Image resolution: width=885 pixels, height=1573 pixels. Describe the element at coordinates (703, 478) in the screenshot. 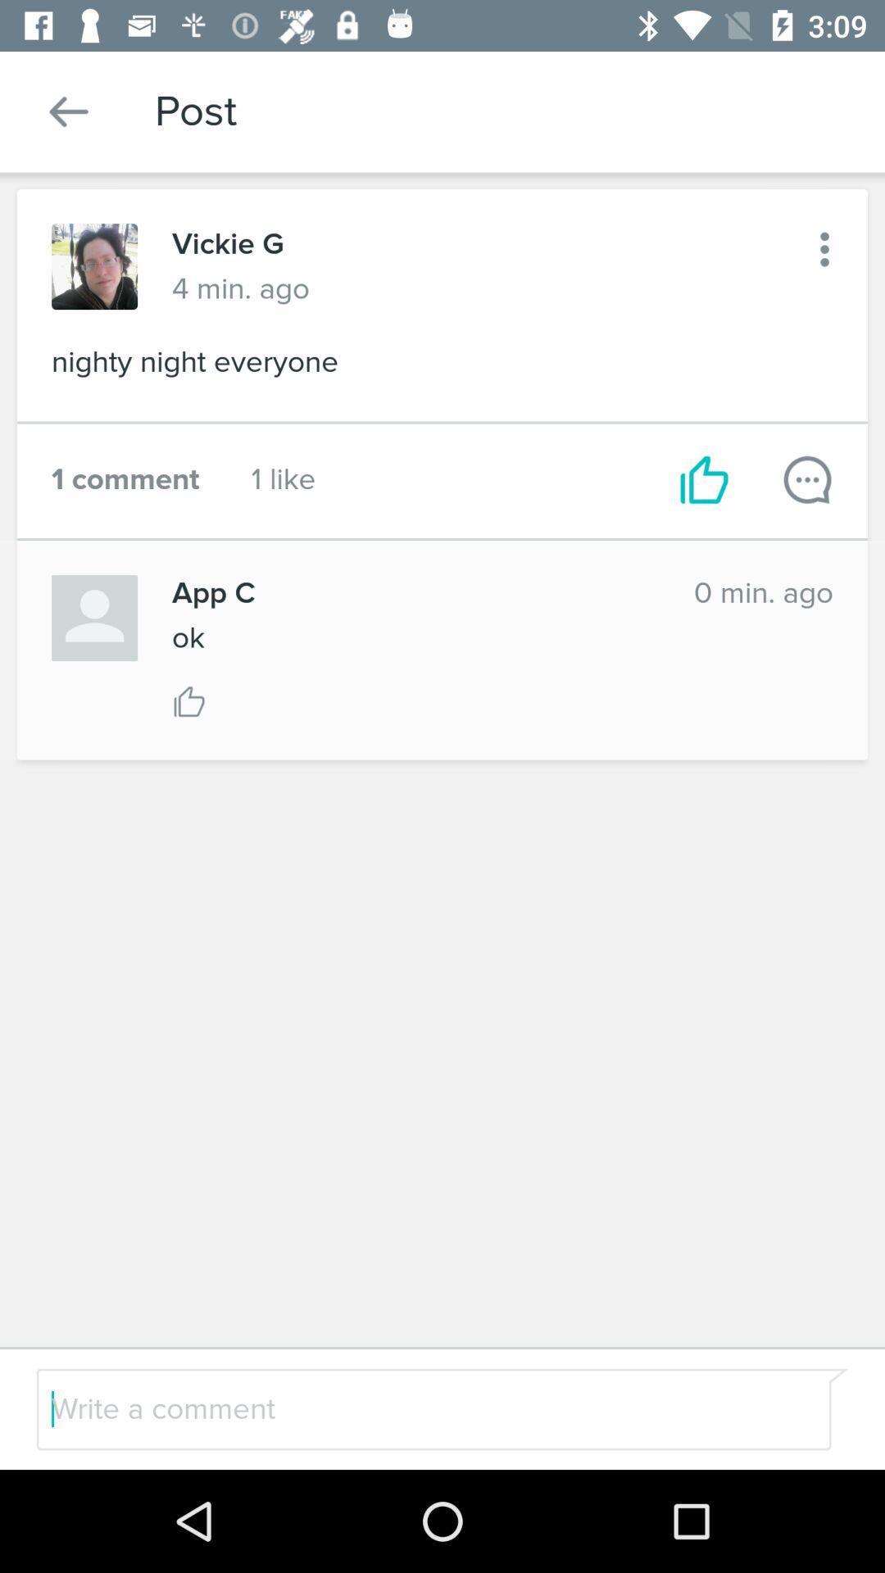

I see `the item next to 1 like item` at that location.